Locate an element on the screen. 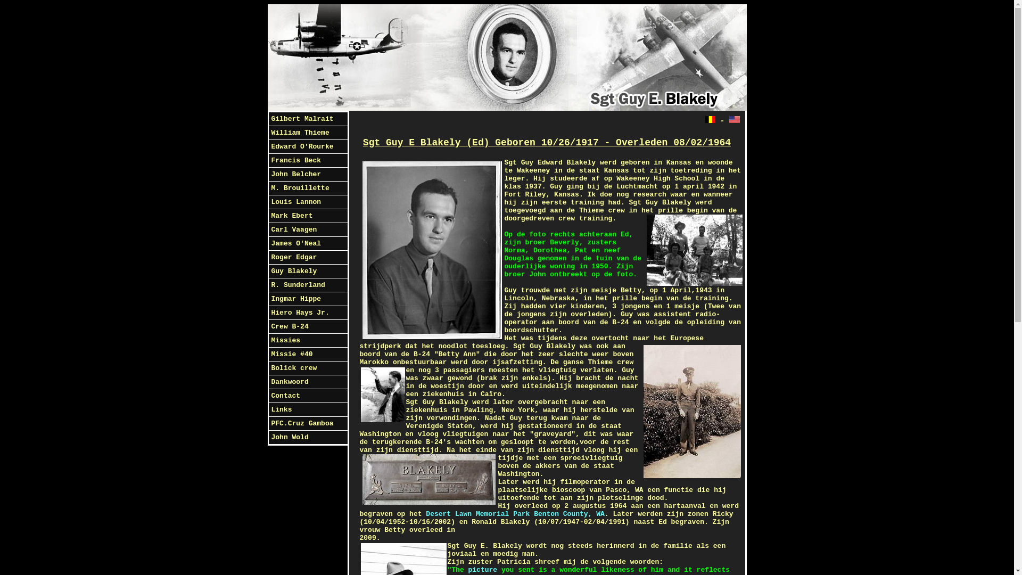 The height and width of the screenshot is (575, 1022). 'John Belcher' is located at coordinates (268, 174).